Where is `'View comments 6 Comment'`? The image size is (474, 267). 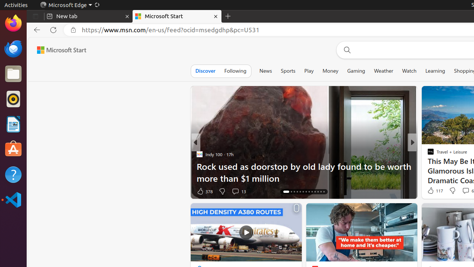
'View comments 6 Comment' is located at coordinates (465, 190).